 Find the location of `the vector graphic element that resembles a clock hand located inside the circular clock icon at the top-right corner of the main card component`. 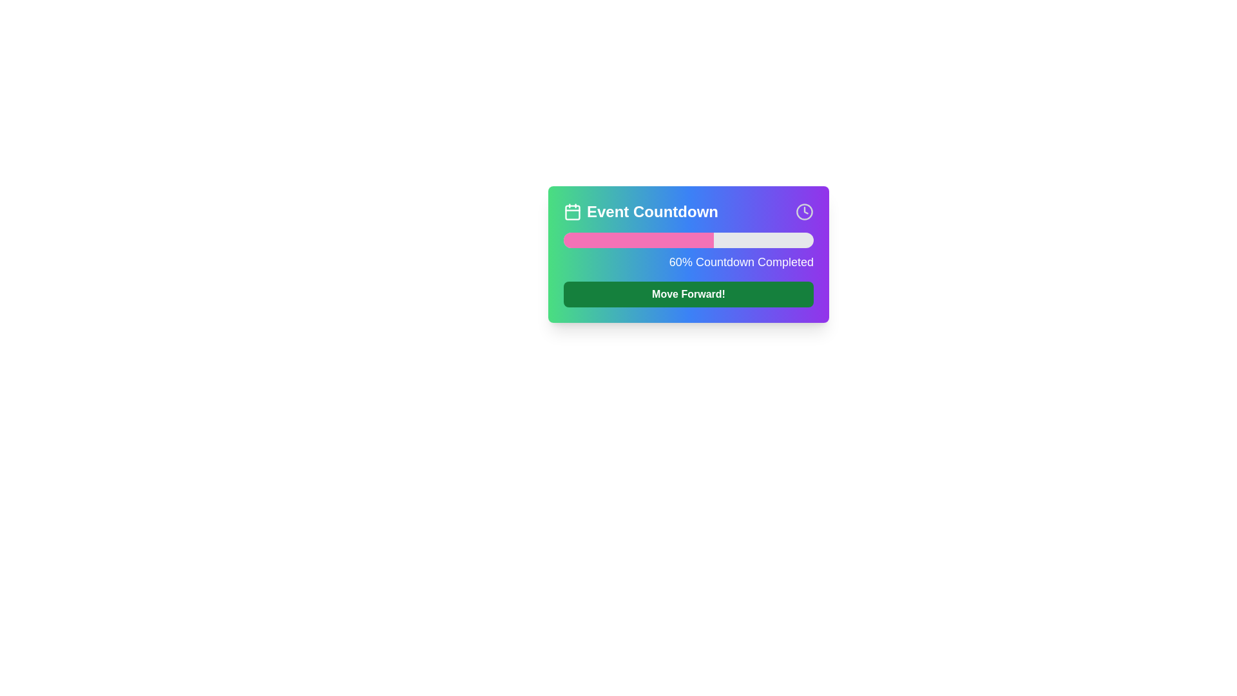

the vector graphic element that resembles a clock hand located inside the circular clock icon at the top-right corner of the main card component is located at coordinates (805, 209).